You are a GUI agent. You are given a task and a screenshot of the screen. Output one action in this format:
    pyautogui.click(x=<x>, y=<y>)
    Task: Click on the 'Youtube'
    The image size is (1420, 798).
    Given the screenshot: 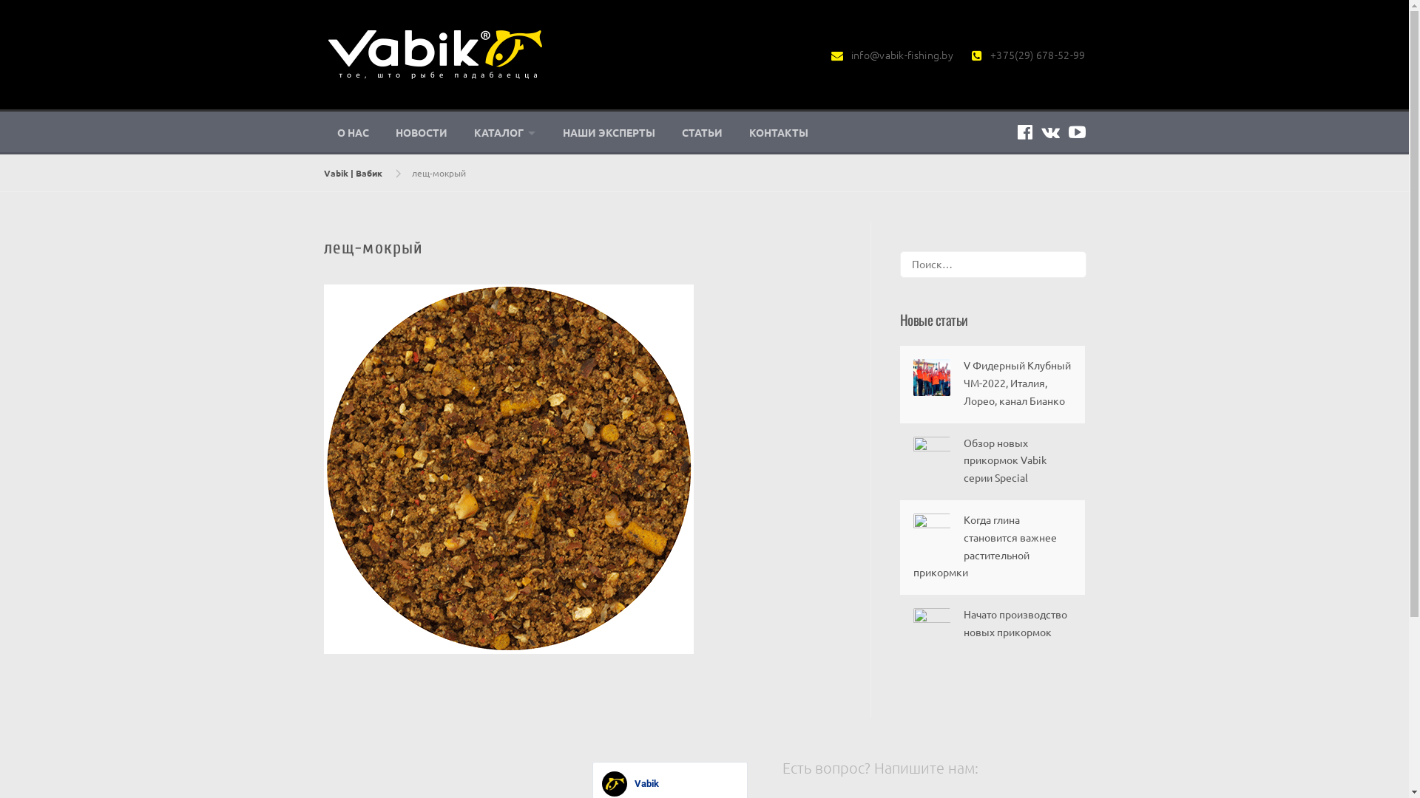 What is the action you would take?
    pyautogui.click(x=1076, y=130)
    